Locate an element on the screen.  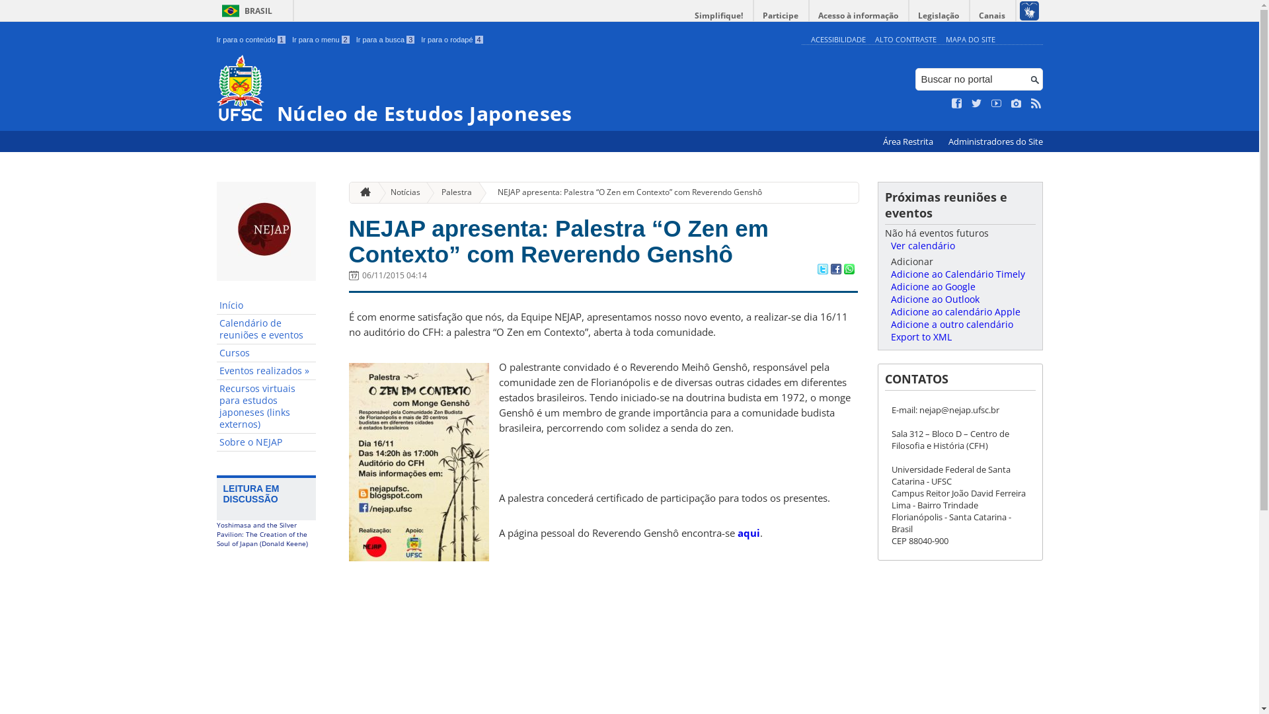
'Curta no Facebook' is located at coordinates (957, 103).